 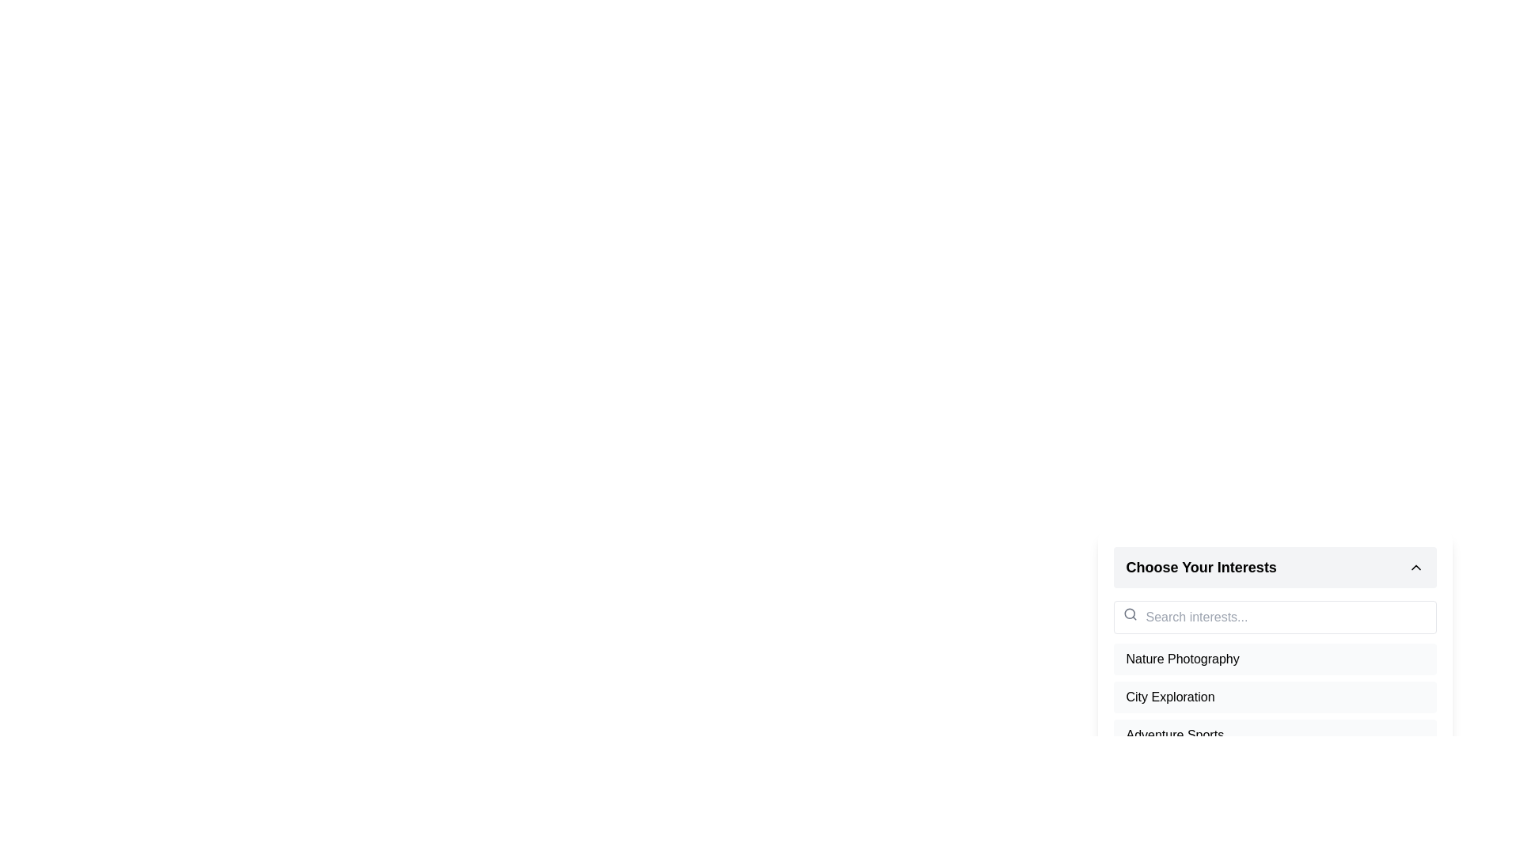 What do you see at coordinates (1415, 567) in the screenshot?
I see `the chevron icon in the top-right corner of the 'Choose Your Interests' section header` at bounding box center [1415, 567].